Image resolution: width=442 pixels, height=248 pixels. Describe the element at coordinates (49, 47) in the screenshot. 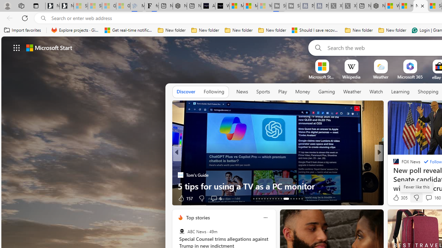

I see `'Microsoft start'` at that location.